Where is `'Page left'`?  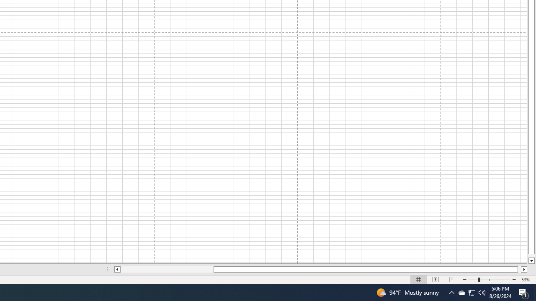
'Page left' is located at coordinates (167, 269).